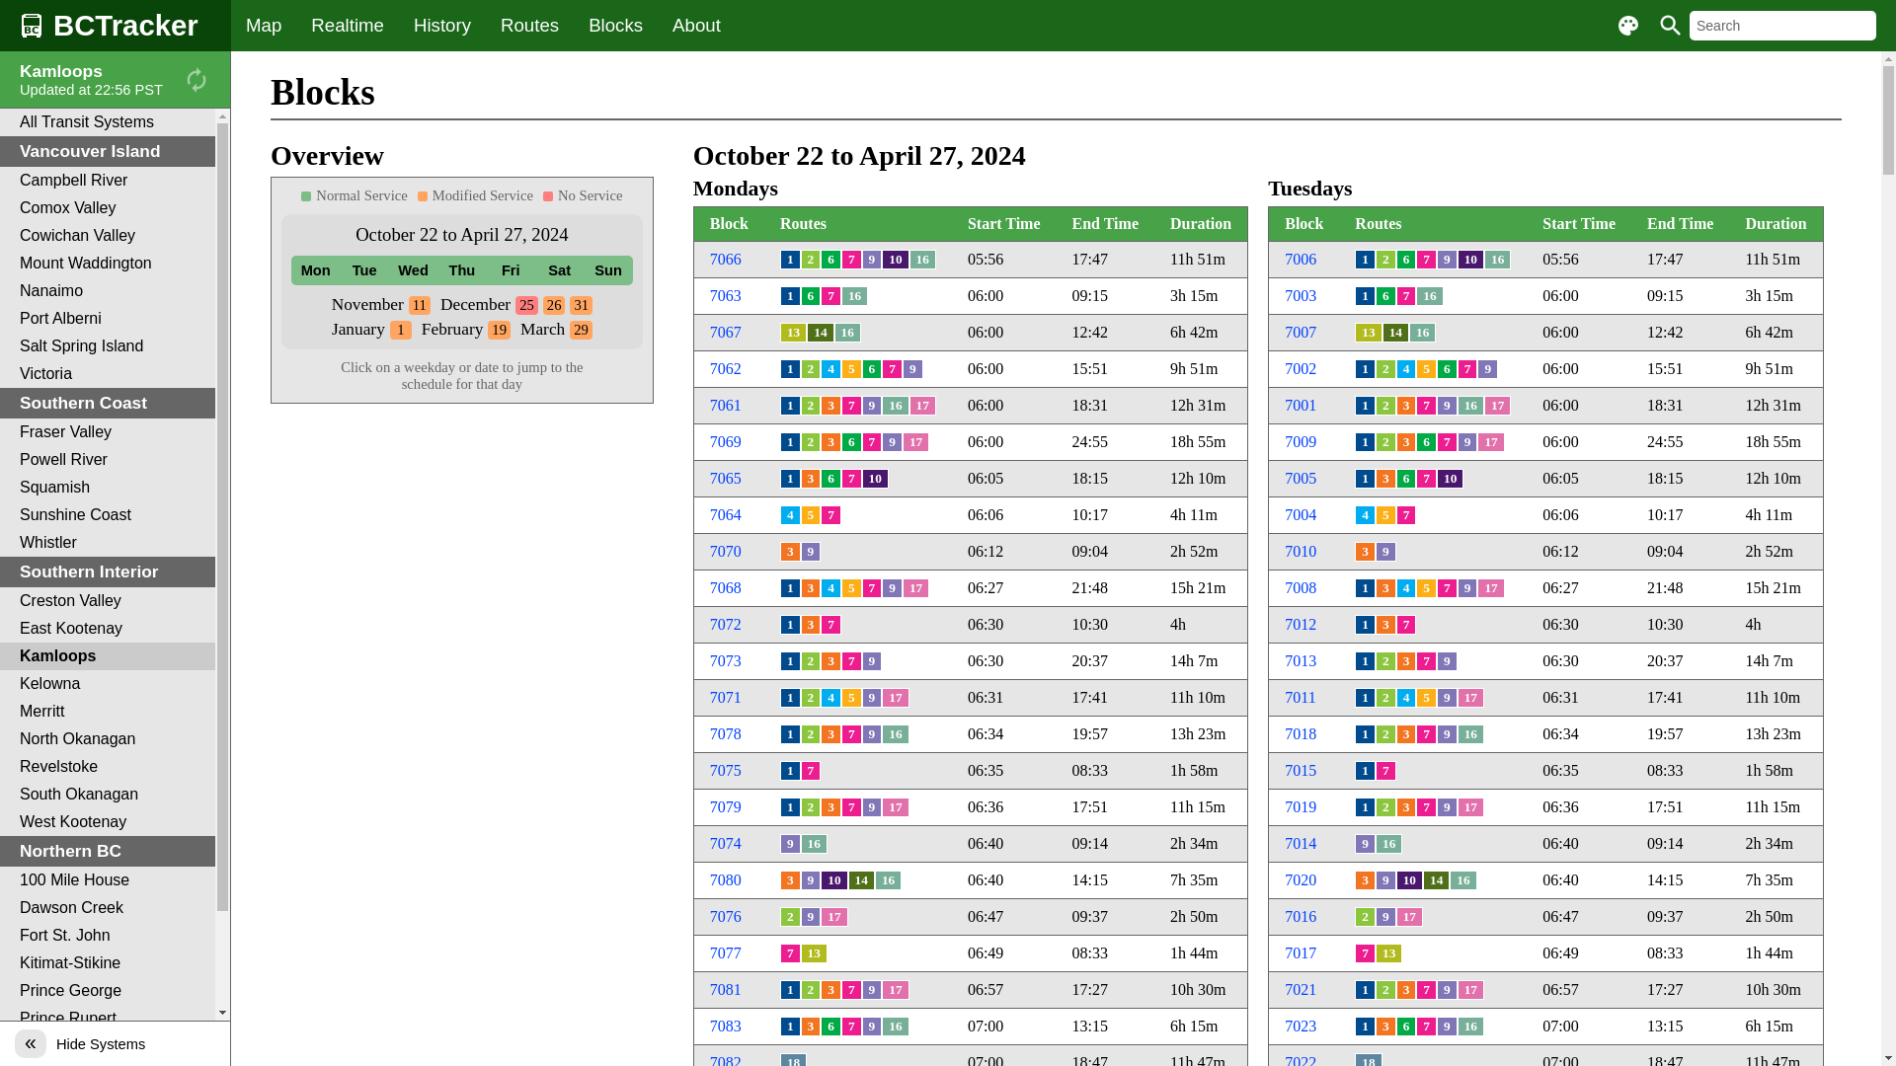  I want to click on '9', so click(1384, 552).